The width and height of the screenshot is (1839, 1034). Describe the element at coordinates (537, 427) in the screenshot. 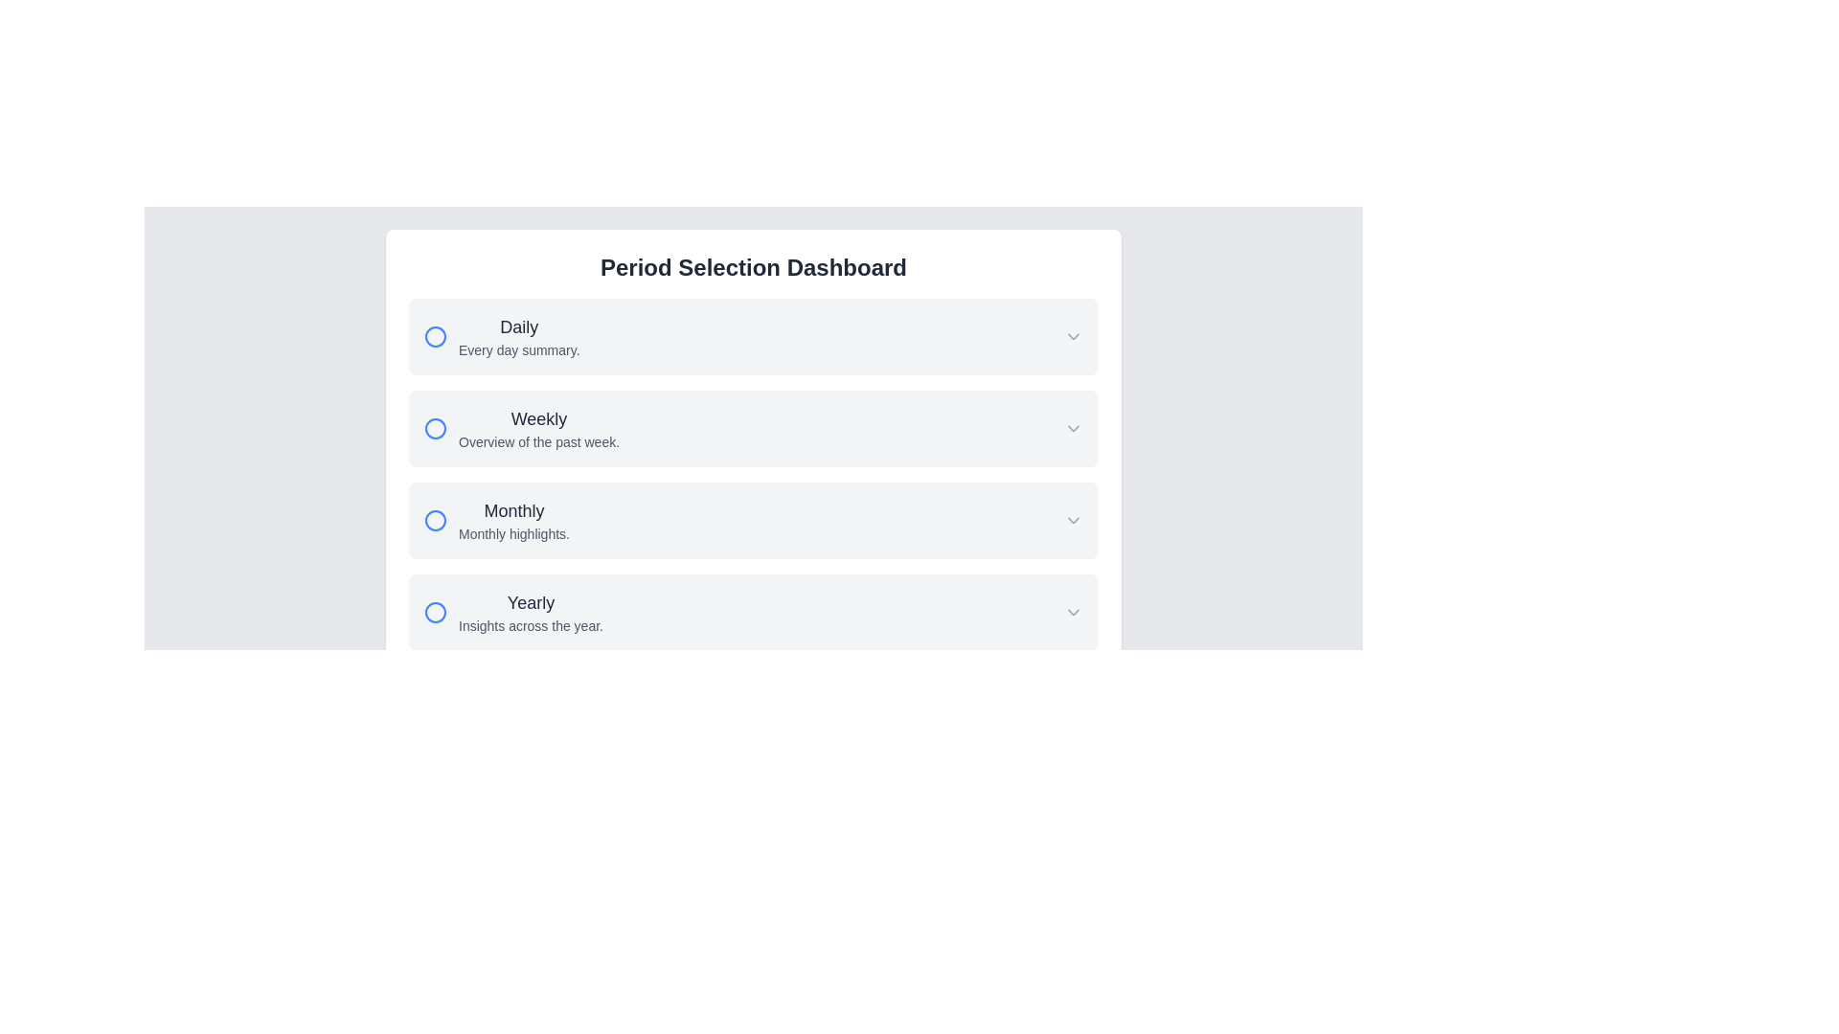

I see `the 'Weekly' text label, which is bold and larger in font, located under the 'Period Selection Dashboard' options` at that location.